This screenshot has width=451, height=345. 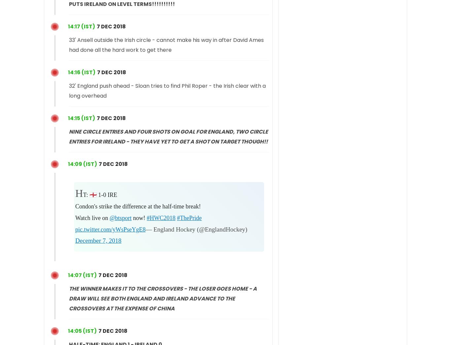 I want to click on 'Watch live on', so click(x=92, y=217).